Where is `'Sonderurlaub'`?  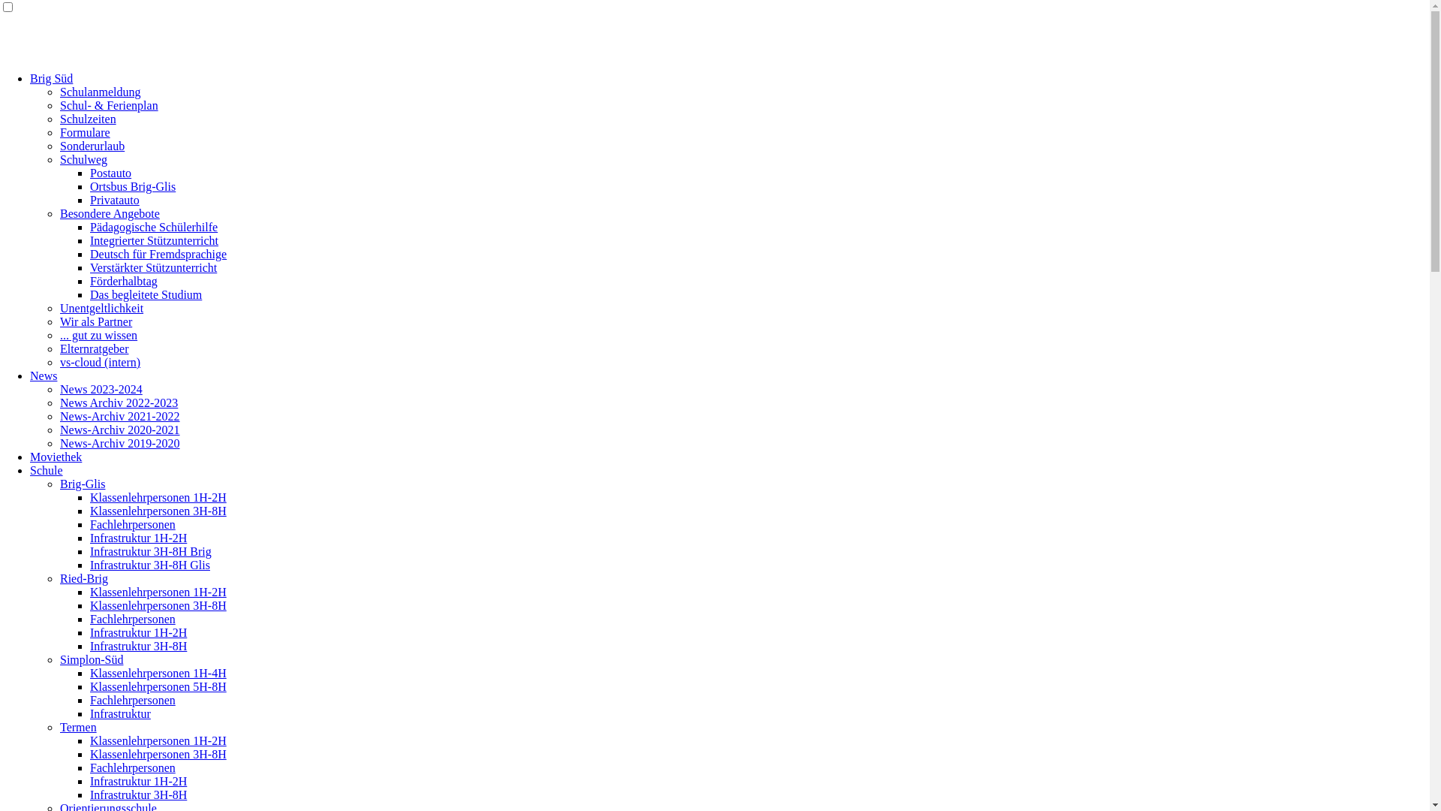 'Sonderurlaub' is located at coordinates (92, 146).